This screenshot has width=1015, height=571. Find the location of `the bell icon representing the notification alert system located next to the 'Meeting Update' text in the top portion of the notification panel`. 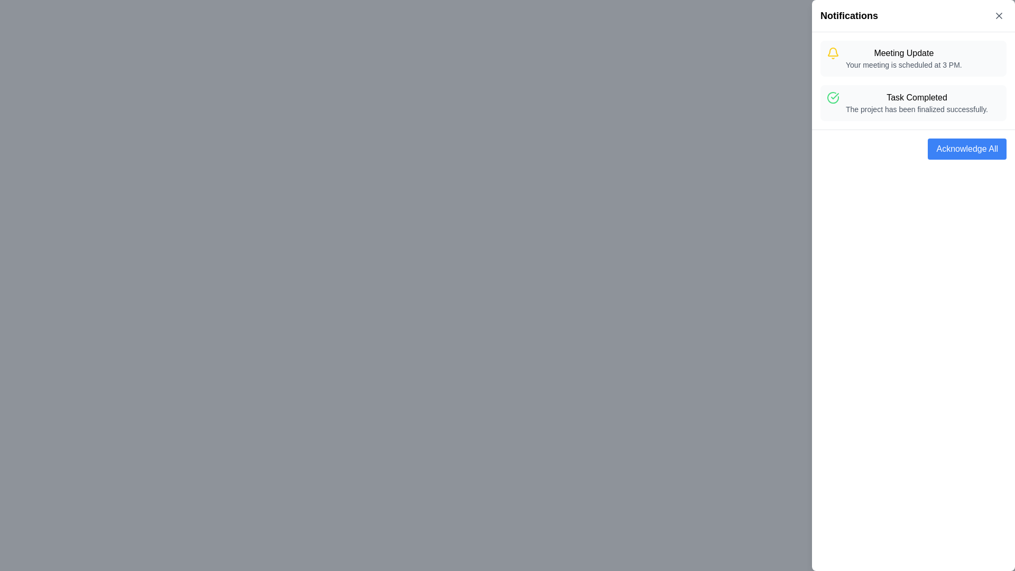

the bell icon representing the notification alert system located next to the 'Meeting Update' text in the top portion of the notification panel is located at coordinates (832, 52).